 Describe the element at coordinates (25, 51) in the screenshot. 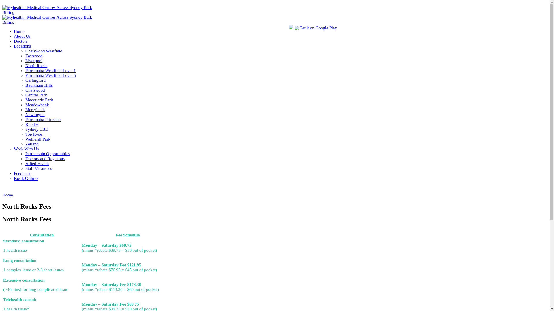

I see `'Chatswood Westfield'` at that location.